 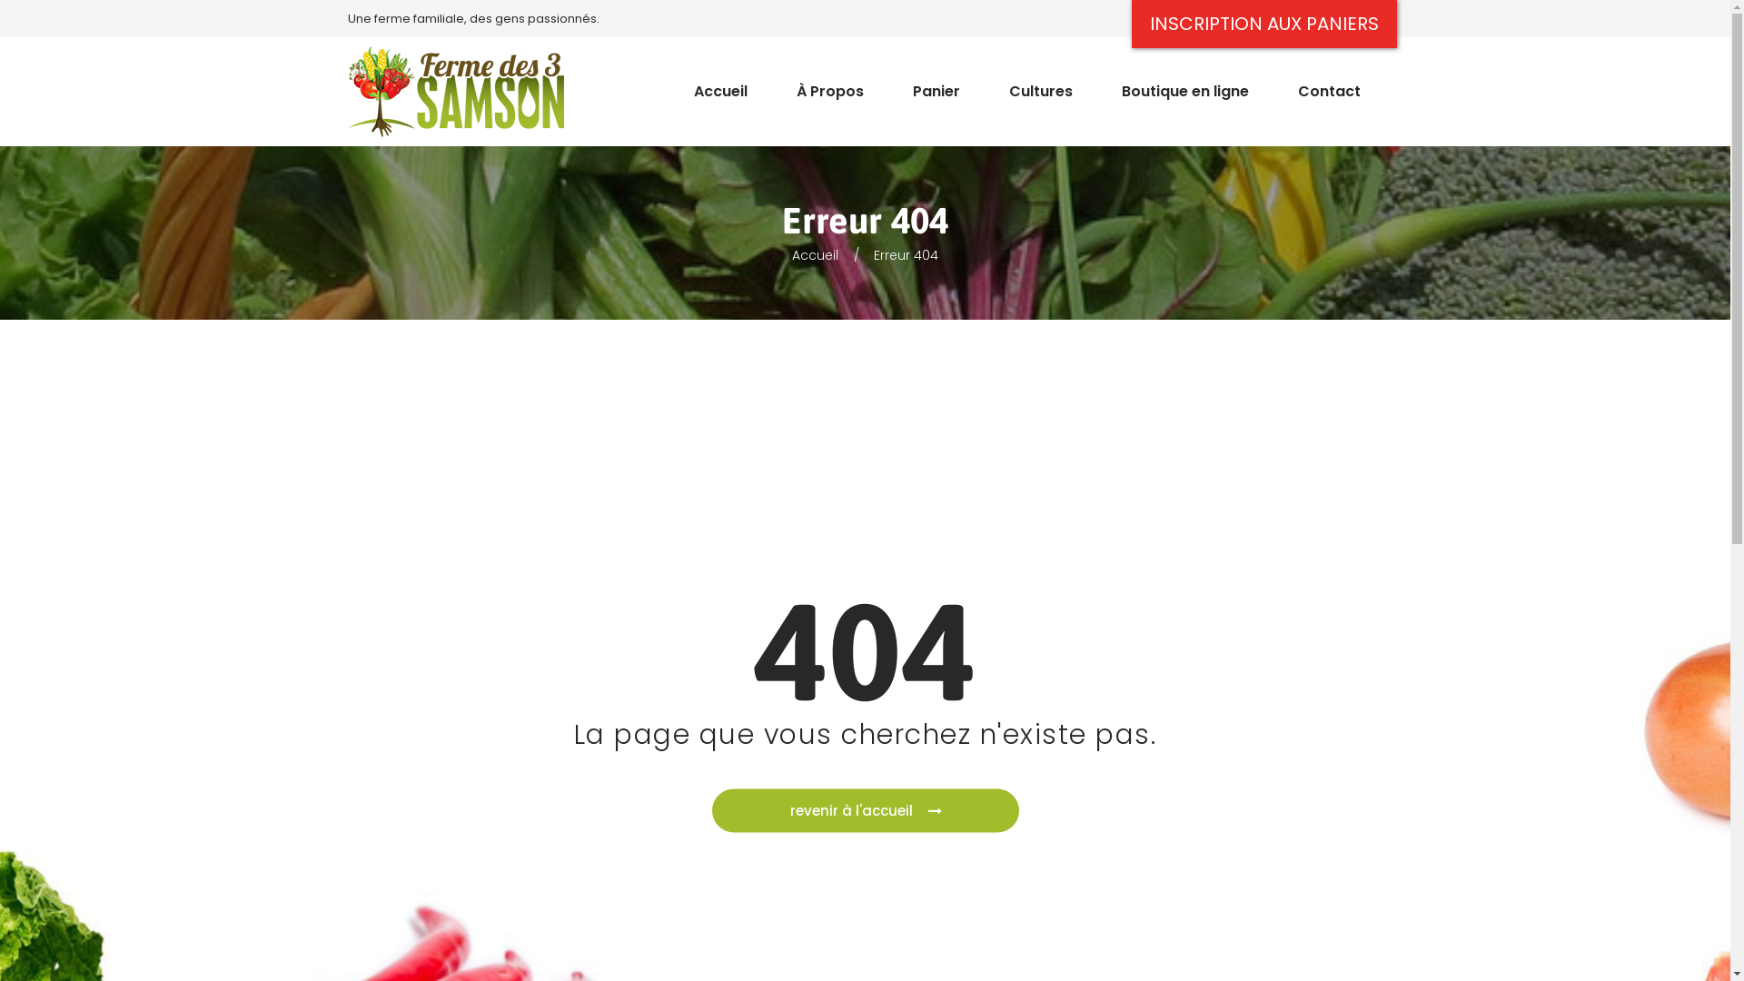 What do you see at coordinates (1185, 83) in the screenshot?
I see `'Boutique en ligne'` at bounding box center [1185, 83].